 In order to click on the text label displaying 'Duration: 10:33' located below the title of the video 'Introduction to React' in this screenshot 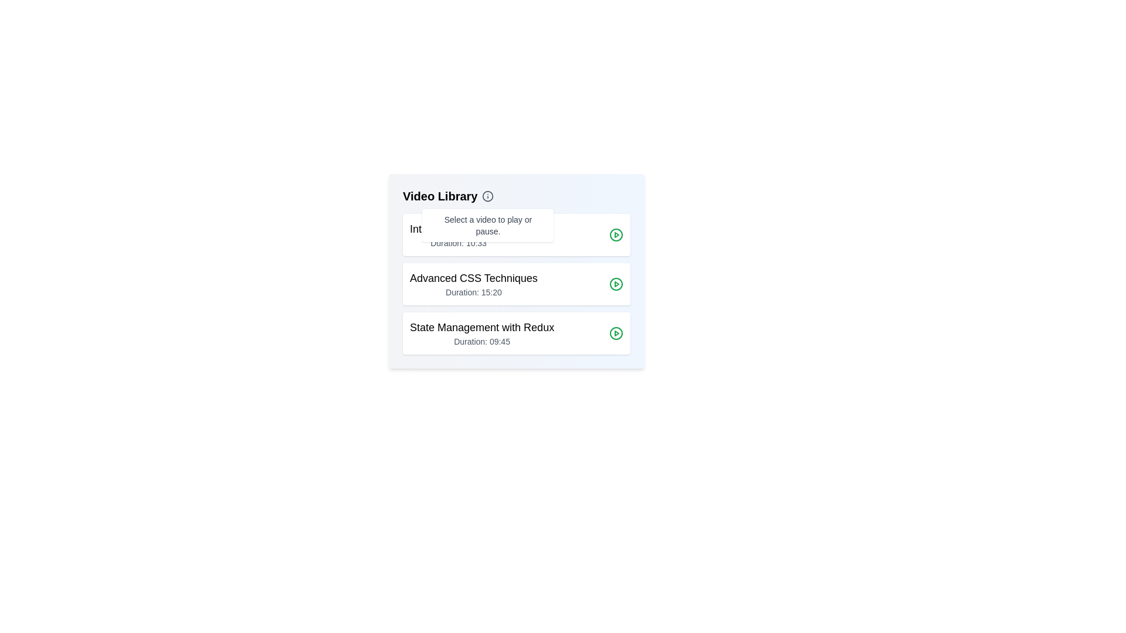, I will do `click(458, 243)`.